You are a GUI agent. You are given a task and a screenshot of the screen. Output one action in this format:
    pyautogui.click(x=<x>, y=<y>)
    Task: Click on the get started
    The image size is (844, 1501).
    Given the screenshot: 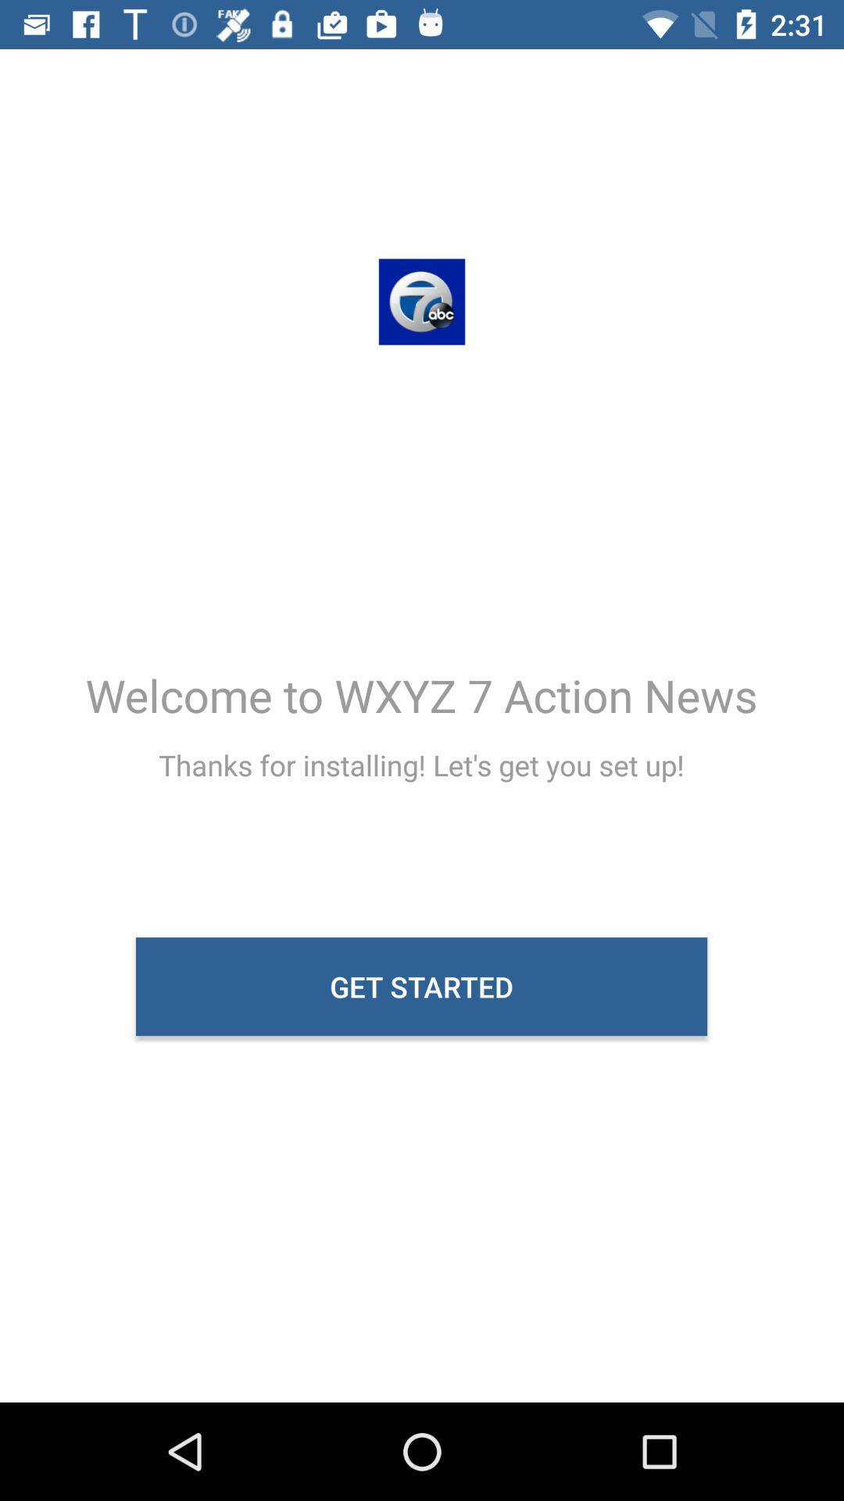 What is the action you would take?
    pyautogui.click(x=420, y=986)
    